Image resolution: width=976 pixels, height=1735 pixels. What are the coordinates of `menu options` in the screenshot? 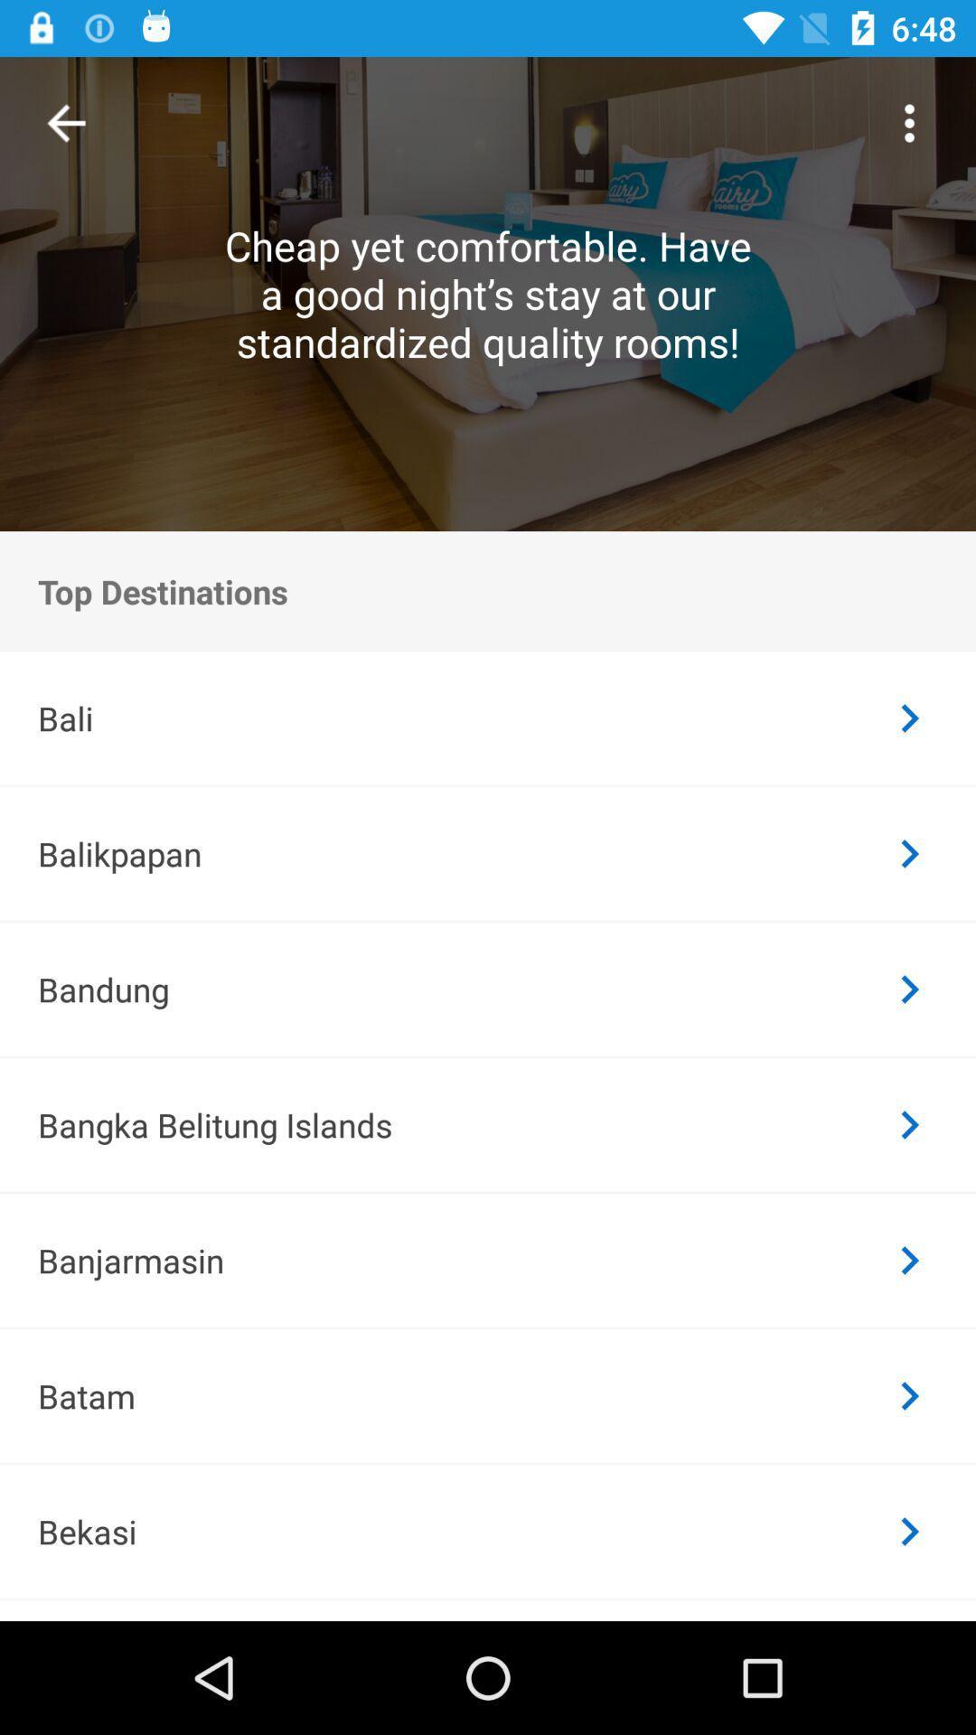 It's located at (909, 122).